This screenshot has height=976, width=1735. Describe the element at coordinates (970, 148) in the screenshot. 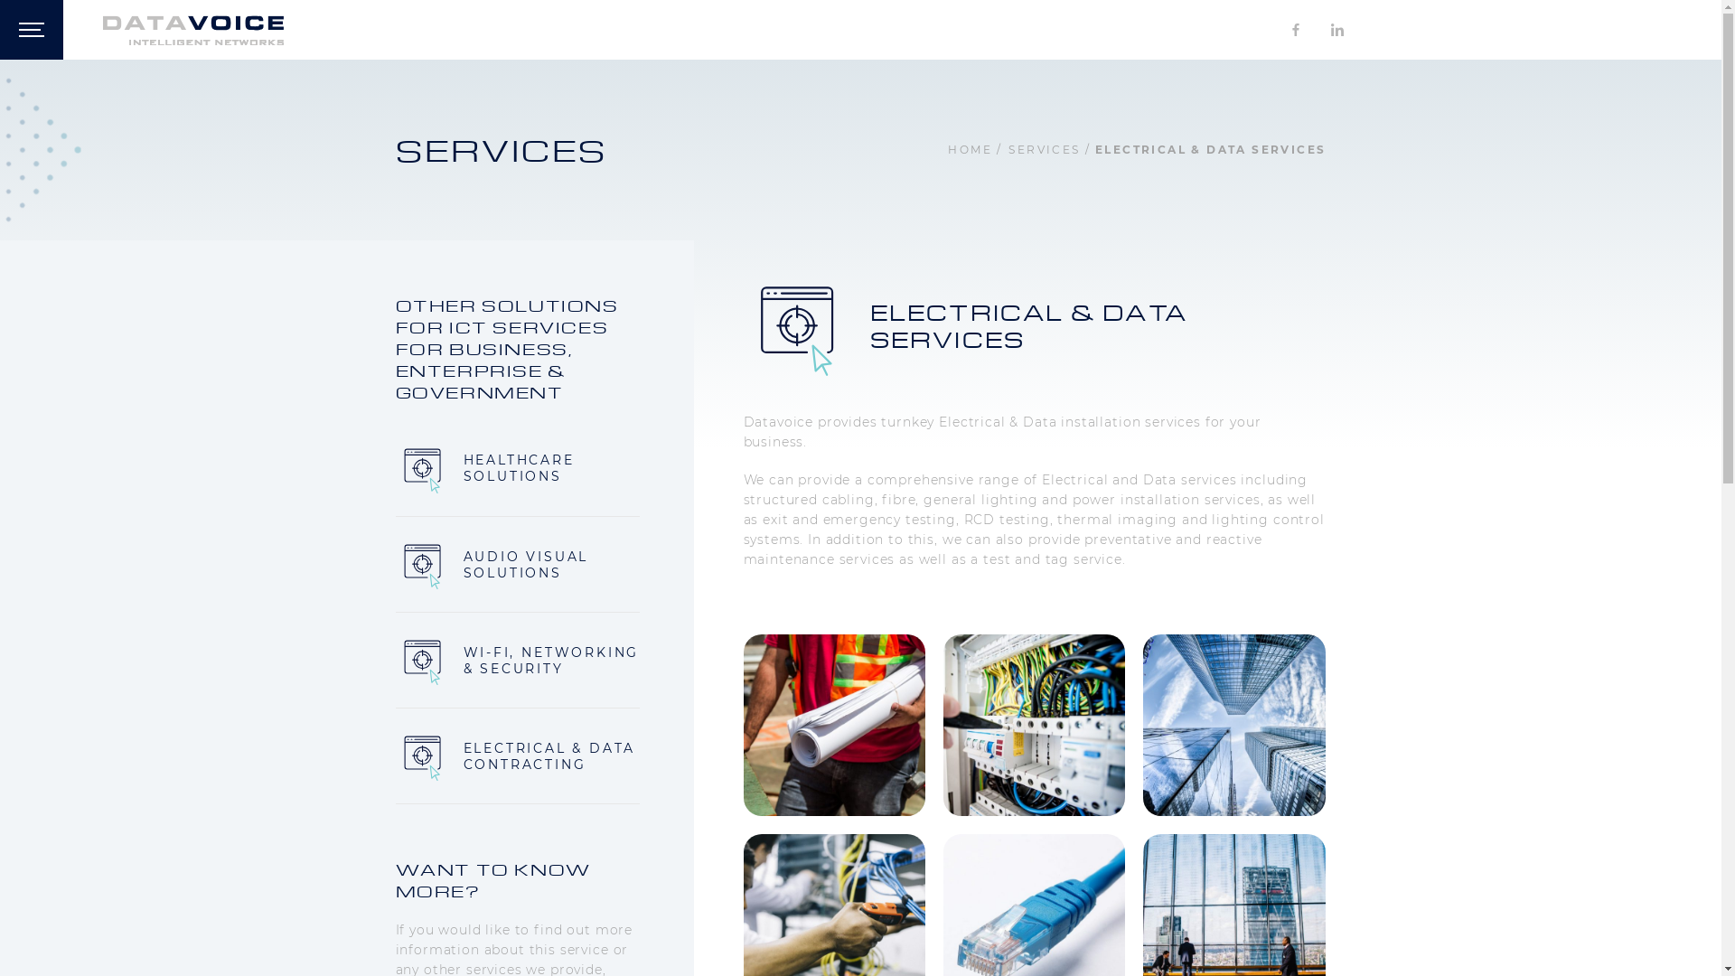

I see `'HOME'` at that location.